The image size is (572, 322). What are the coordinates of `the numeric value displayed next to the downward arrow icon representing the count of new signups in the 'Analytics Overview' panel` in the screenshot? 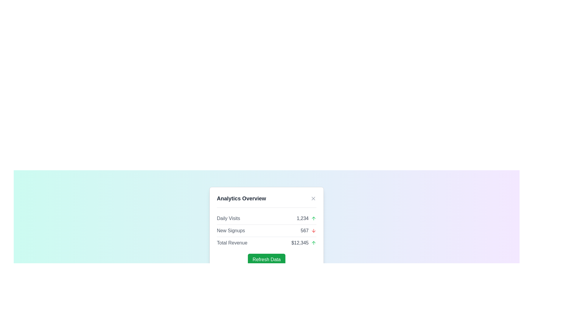 It's located at (308, 230).